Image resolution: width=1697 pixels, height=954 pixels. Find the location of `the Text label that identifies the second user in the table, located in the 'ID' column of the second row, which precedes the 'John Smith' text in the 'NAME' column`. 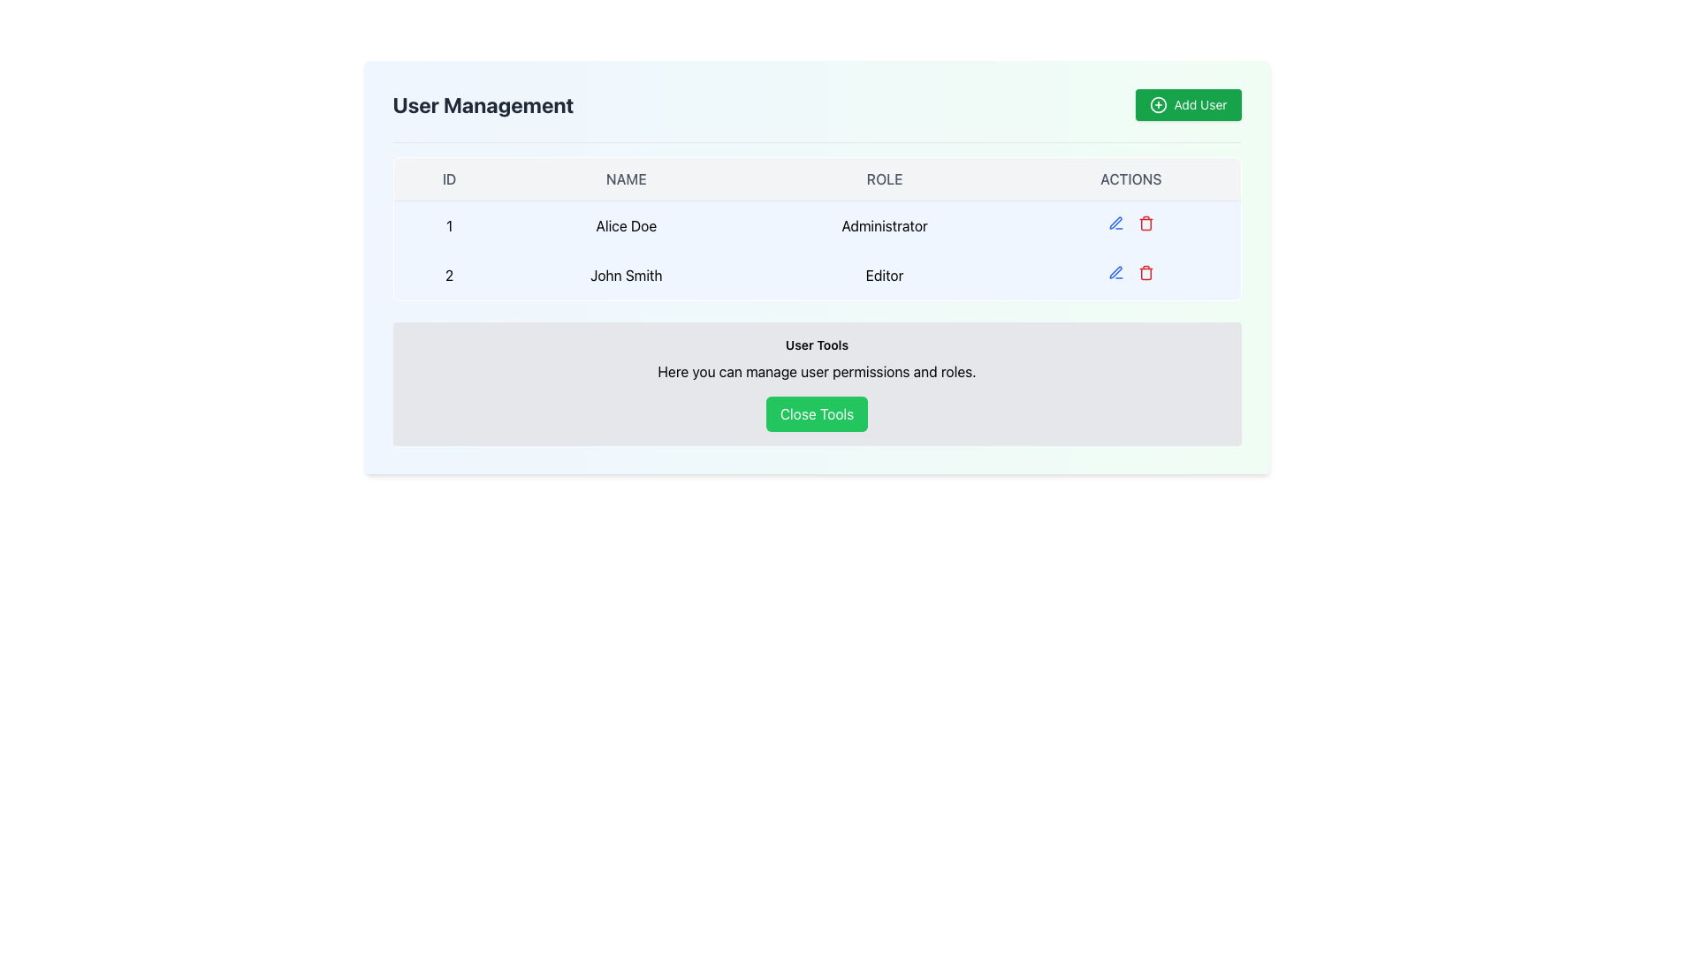

the Text label that identifies the second user in the table, located in the 'ID' column of the second row, which precedes the 'John Smith' text in the 'NAME' column is located at coordinates (449, 276).